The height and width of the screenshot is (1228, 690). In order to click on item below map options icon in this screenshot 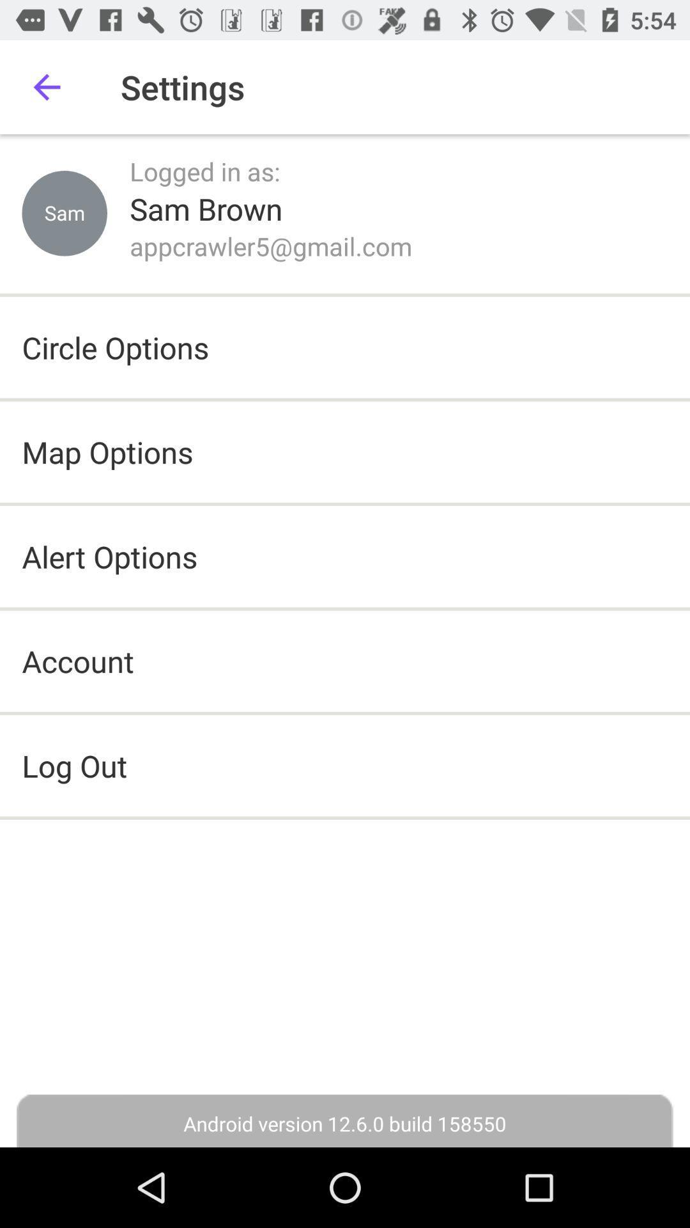, I will do `click(109, 556)`.